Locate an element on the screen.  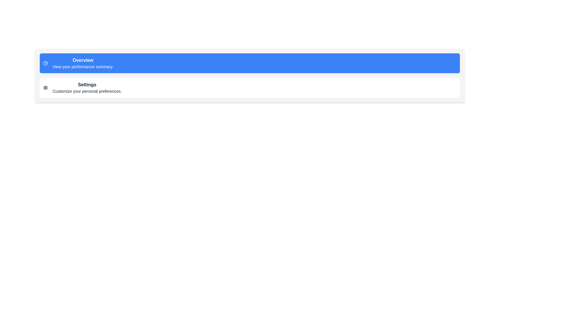
the second menu item in the vertical list is located at coordinates (250, 87).